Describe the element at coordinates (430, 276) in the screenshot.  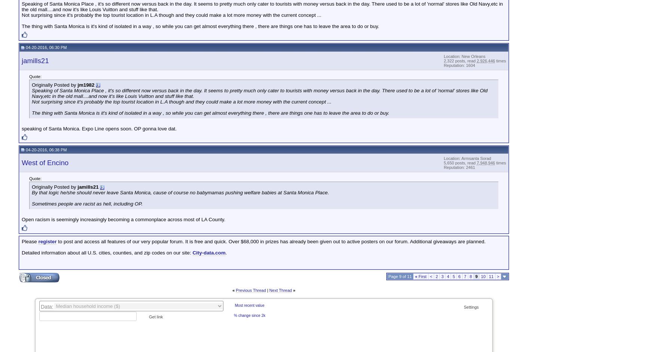
I see `'<'` at that location.